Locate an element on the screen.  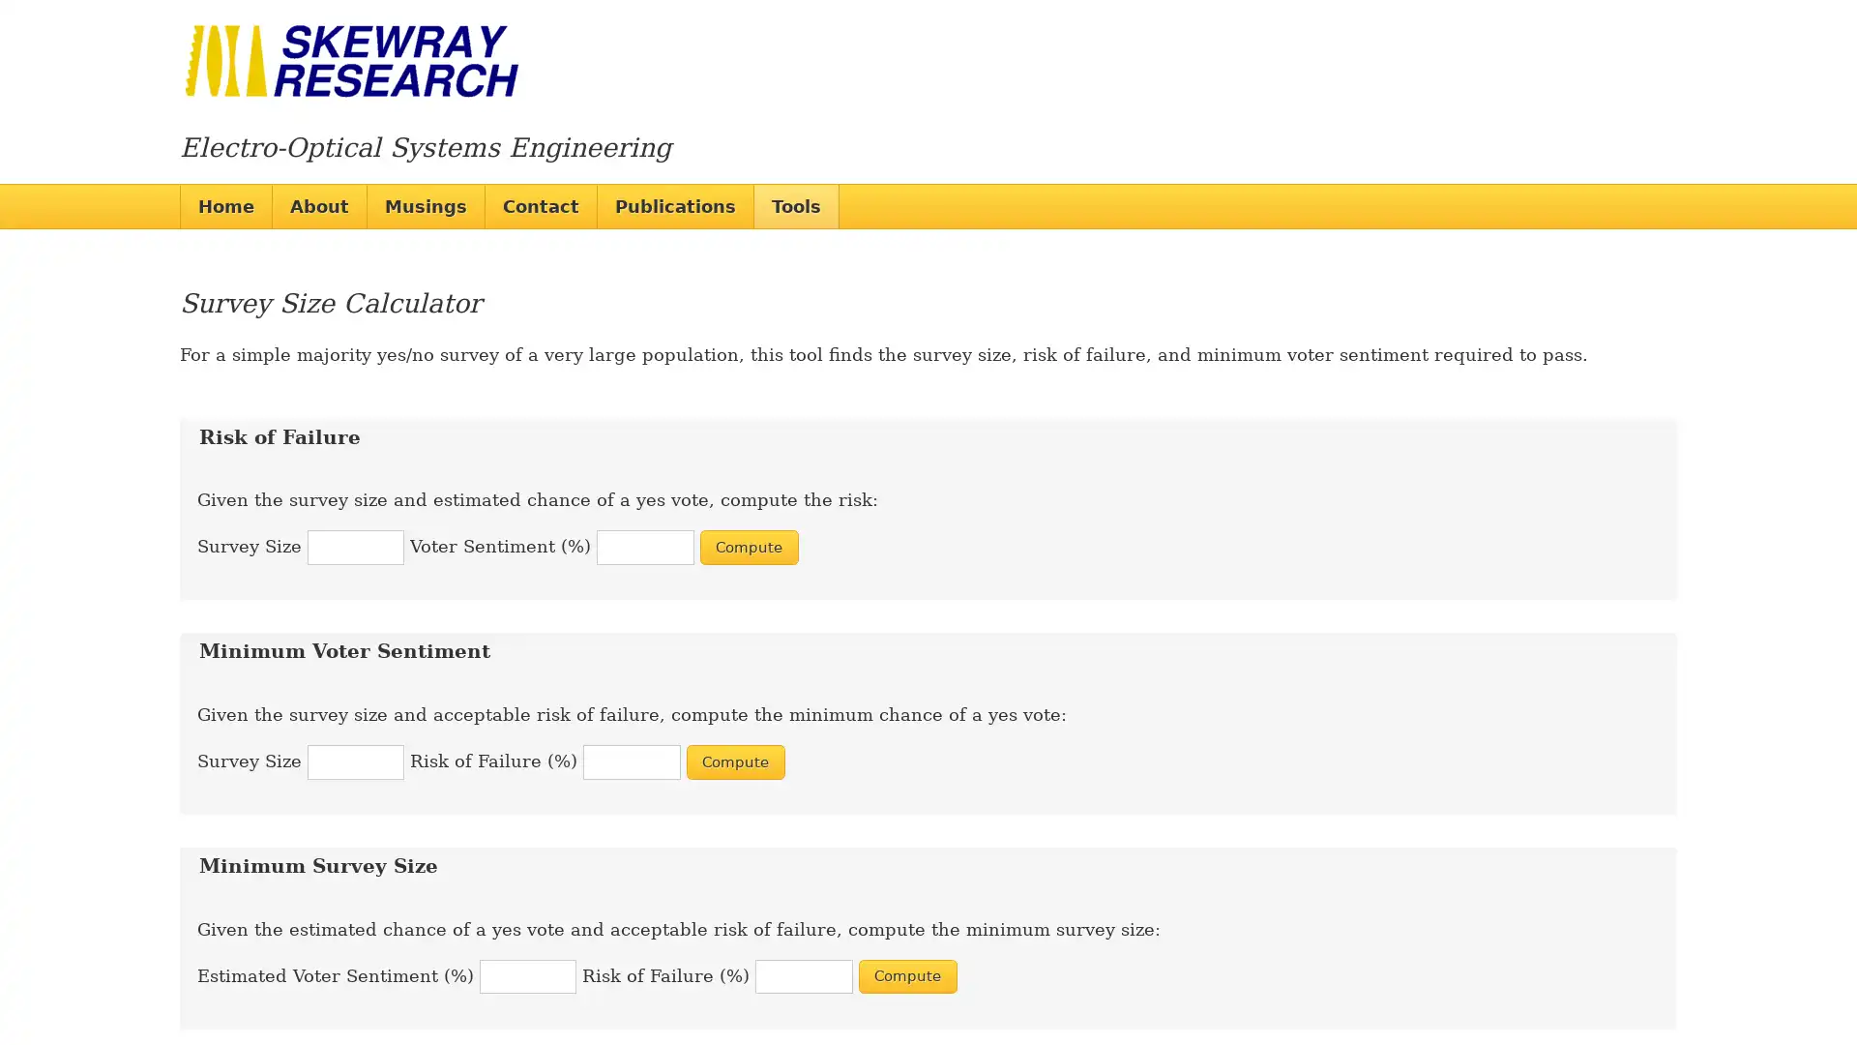
Compute is located at coordinates (905, 976).